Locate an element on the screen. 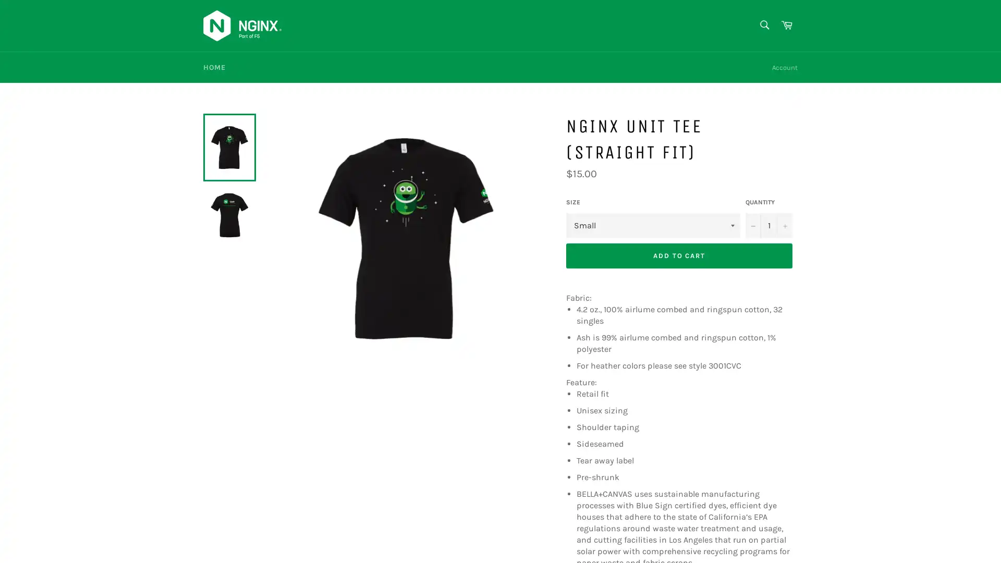 This screenshot has height=563, width=1001. Search is located at coordinates (763, 24).